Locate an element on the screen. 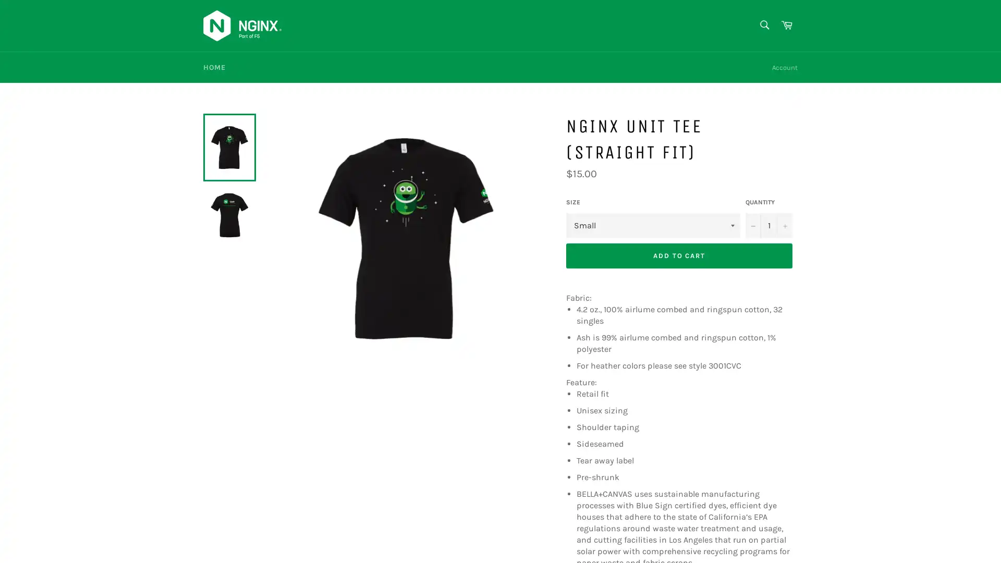 This screenshot has height=563, width=1001. Search is located at coordinates (763, 24).